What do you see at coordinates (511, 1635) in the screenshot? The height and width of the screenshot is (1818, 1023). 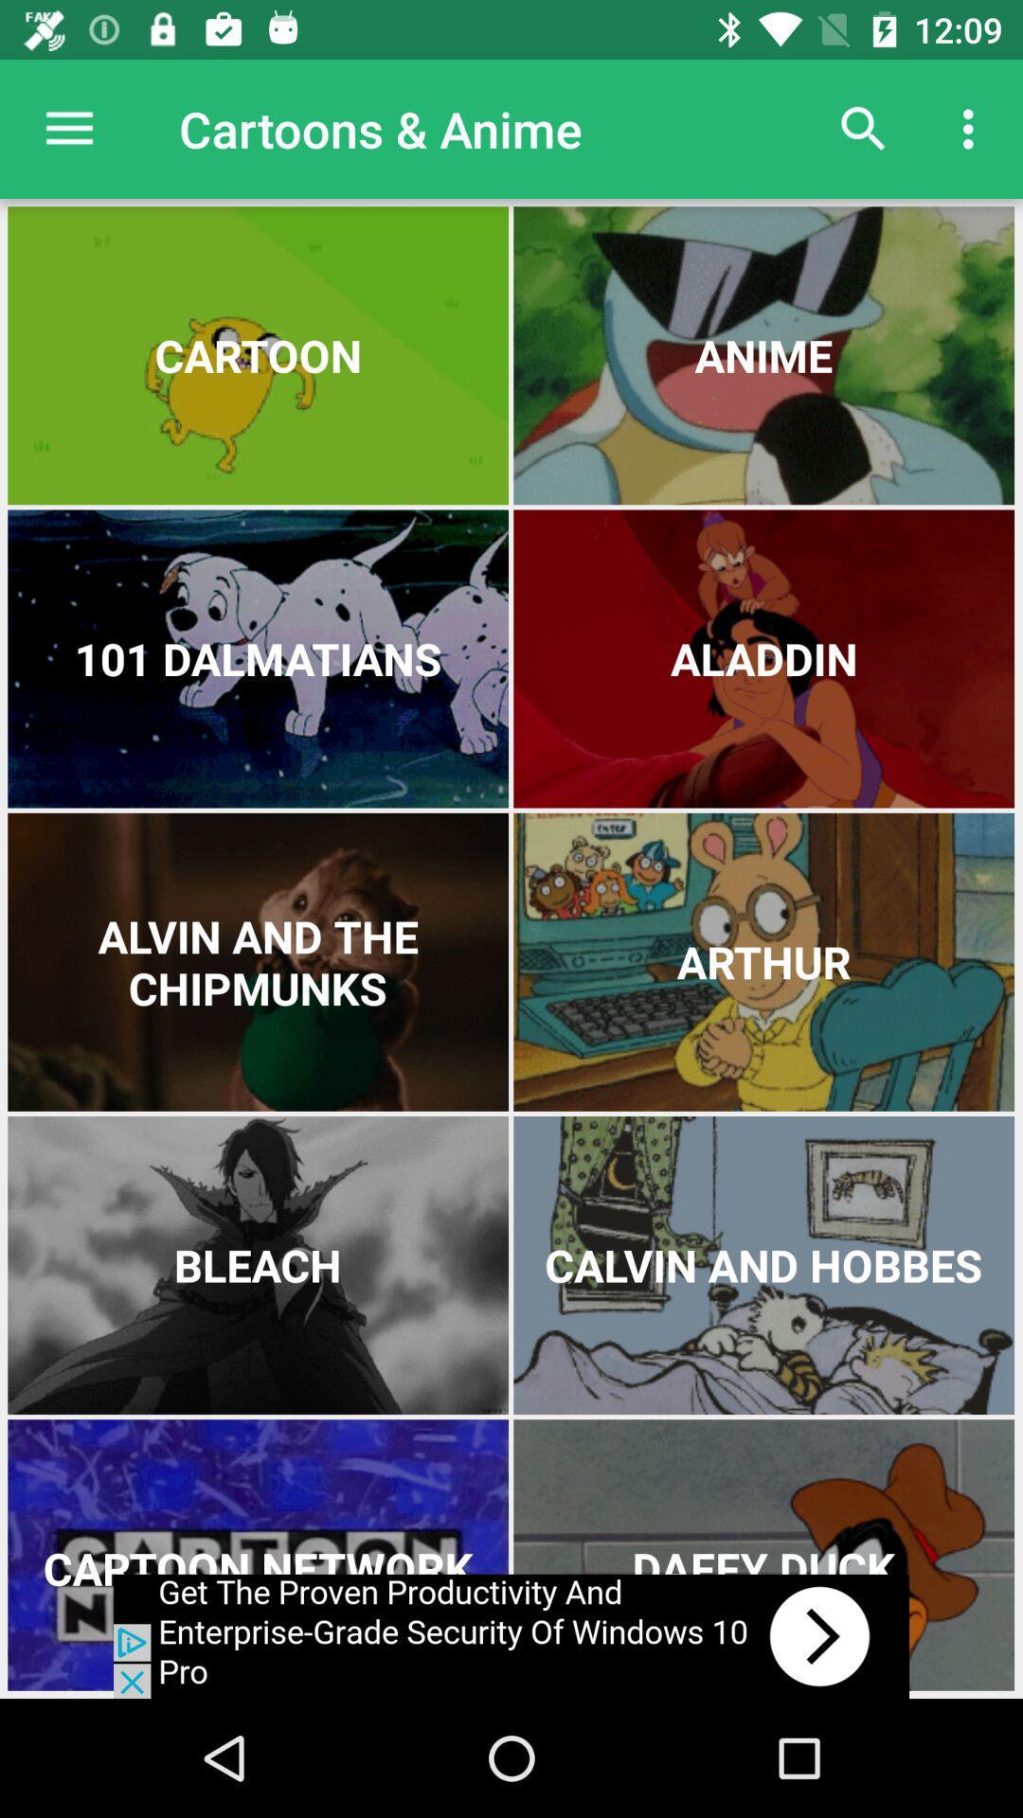 I see `advertising` at bounding box center [511, 1635].